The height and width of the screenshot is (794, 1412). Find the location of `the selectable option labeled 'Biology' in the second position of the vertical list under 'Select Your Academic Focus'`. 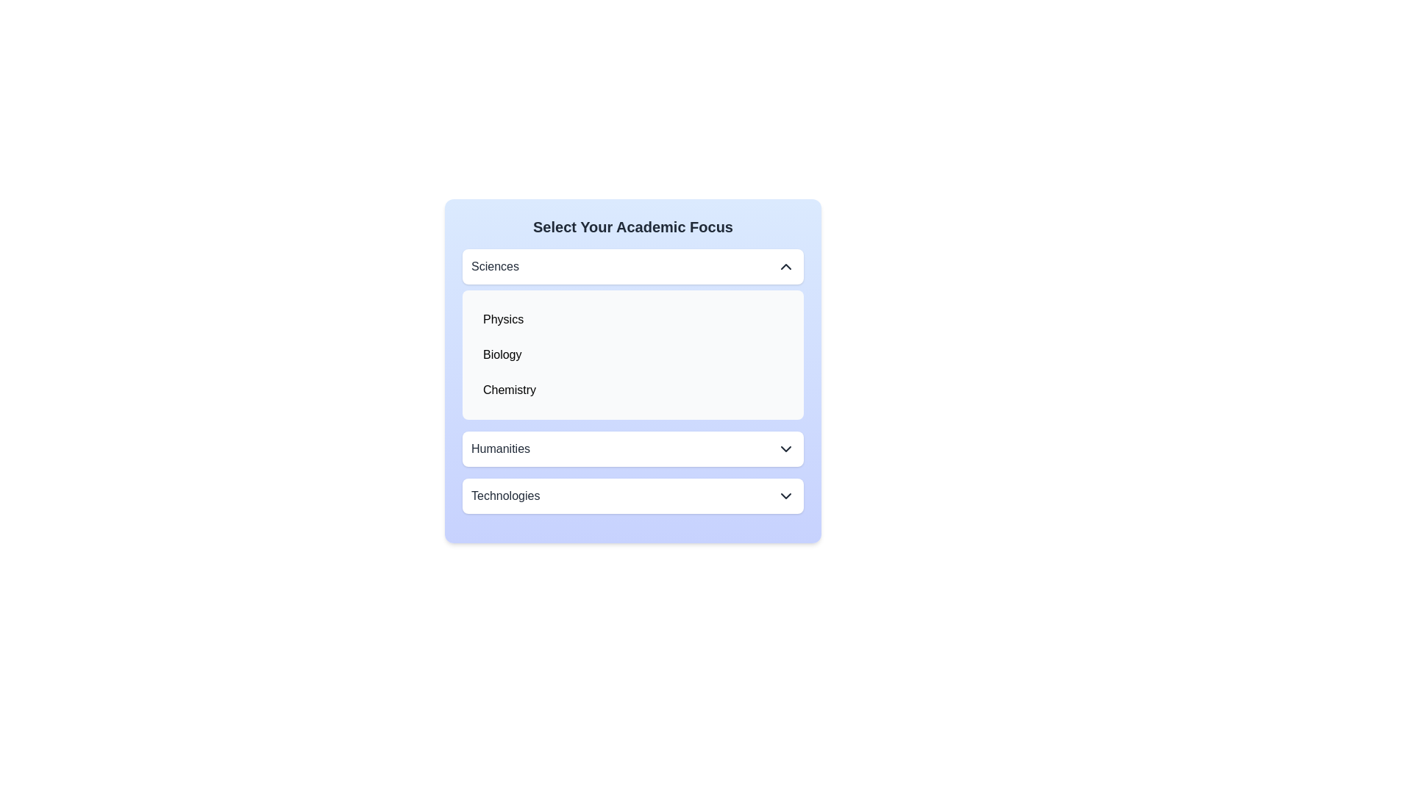

the selectable option labeled 'Biology' in the second position of the vertical list under 'Select Your Academic Focus' is located at coordinates (632, 354).